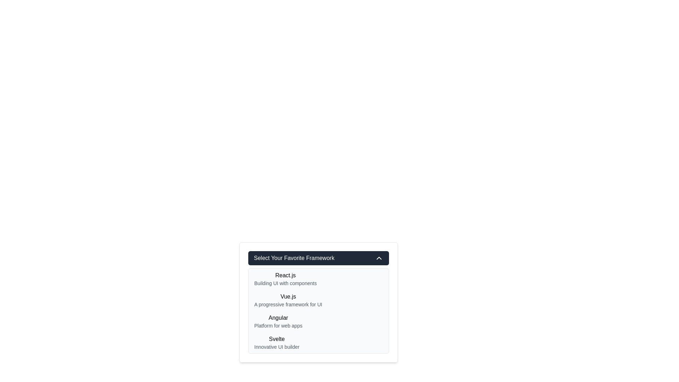 The height and width of the screenshot is (382, 679). What do you see at coordinates (278, 317) in the screenshot?
I see `the text label displaying 'Angular'` at bounding box center [278, 317].